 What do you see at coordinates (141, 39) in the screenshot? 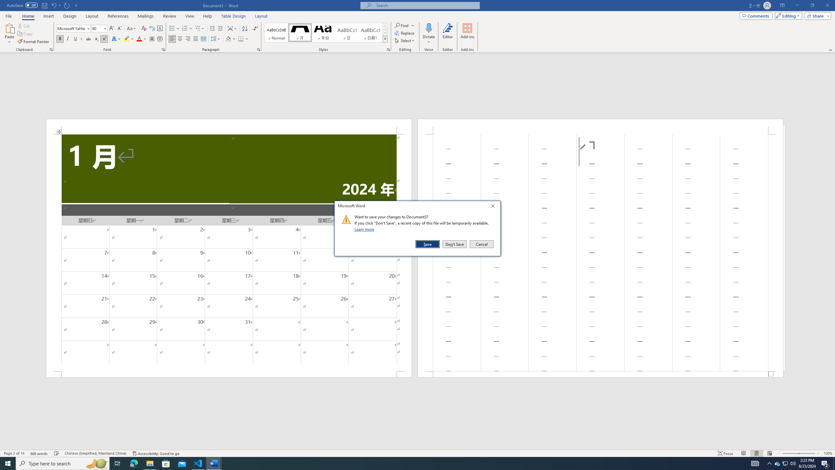
I see `'Font Color'` at bounding box center [141, 39].